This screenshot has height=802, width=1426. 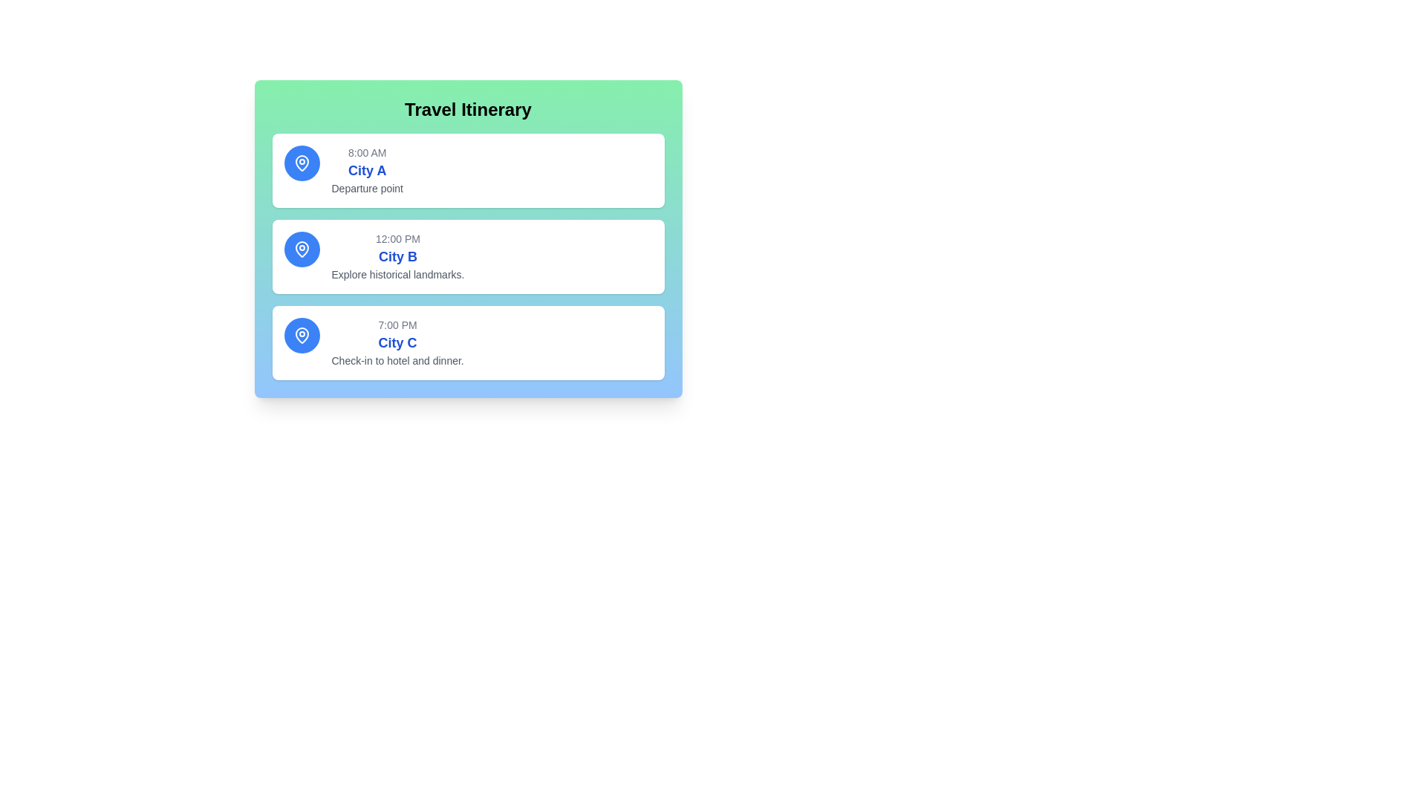 What do you see at coordinates (301, 248) in the screenshot?
I see `blue circular map pin icon located centrally within its background, adjacent to the text '12:00 PM City B Explore historical landmarks.'` at bounding box center [301, 248].